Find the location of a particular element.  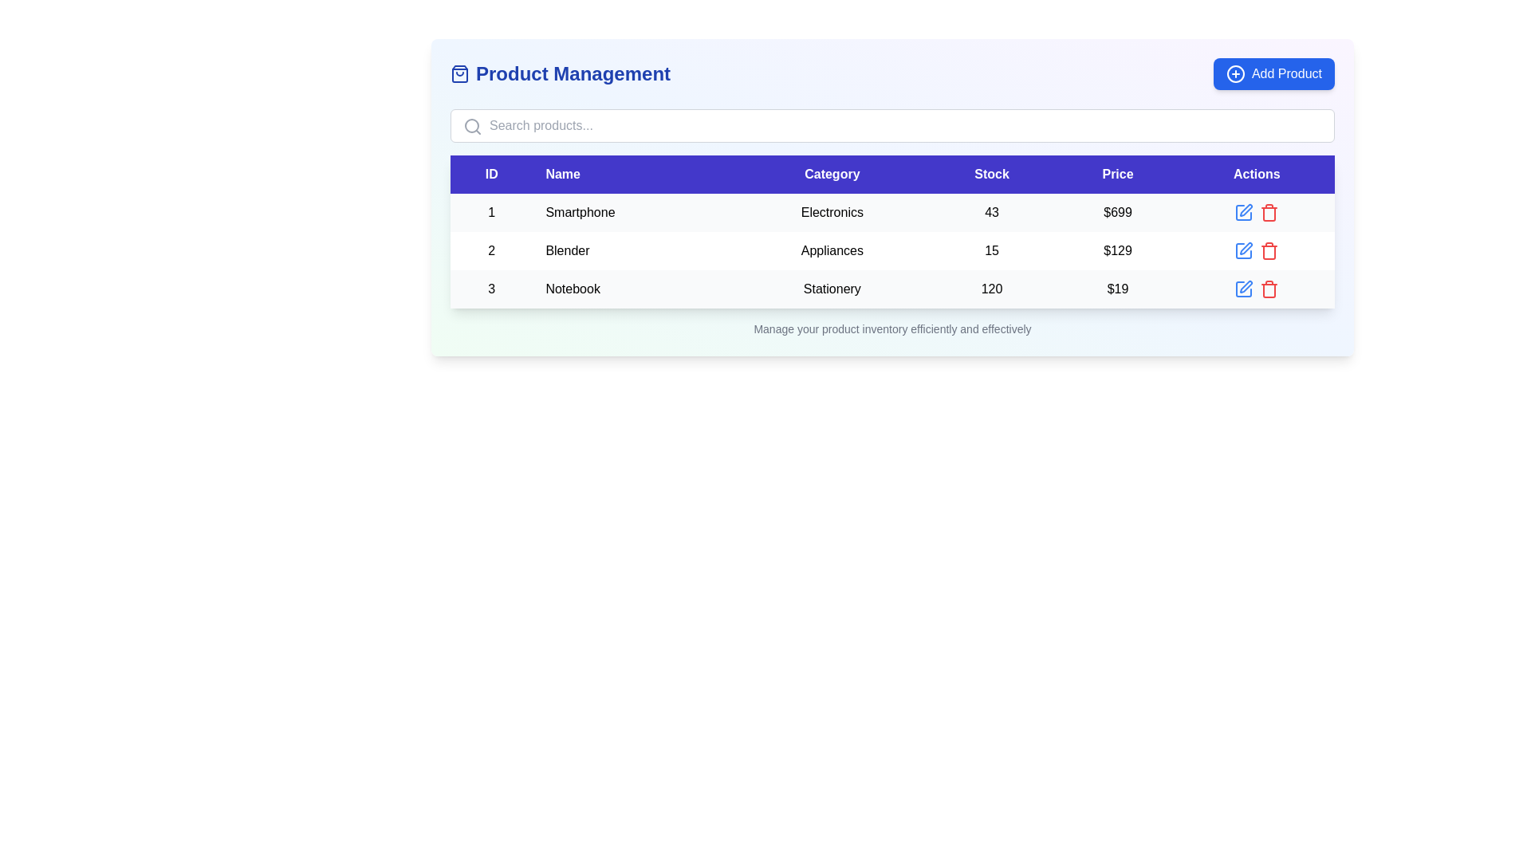

the informational label indicating the category 'Blender' in the second row of the table under the 'Category' column is located at coordinates (831, 251).